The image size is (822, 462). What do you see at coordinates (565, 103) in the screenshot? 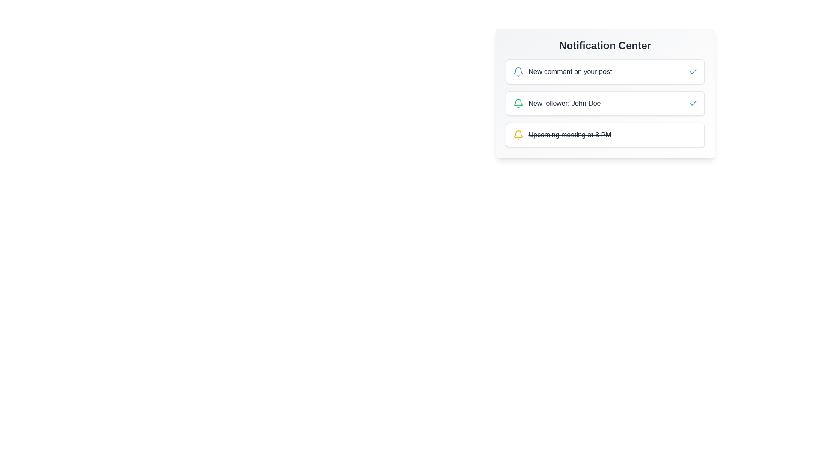
I see `the notification message informing the user about the new follower named 'John Doe' in the Notification Center` at bounding box center [565, 103].